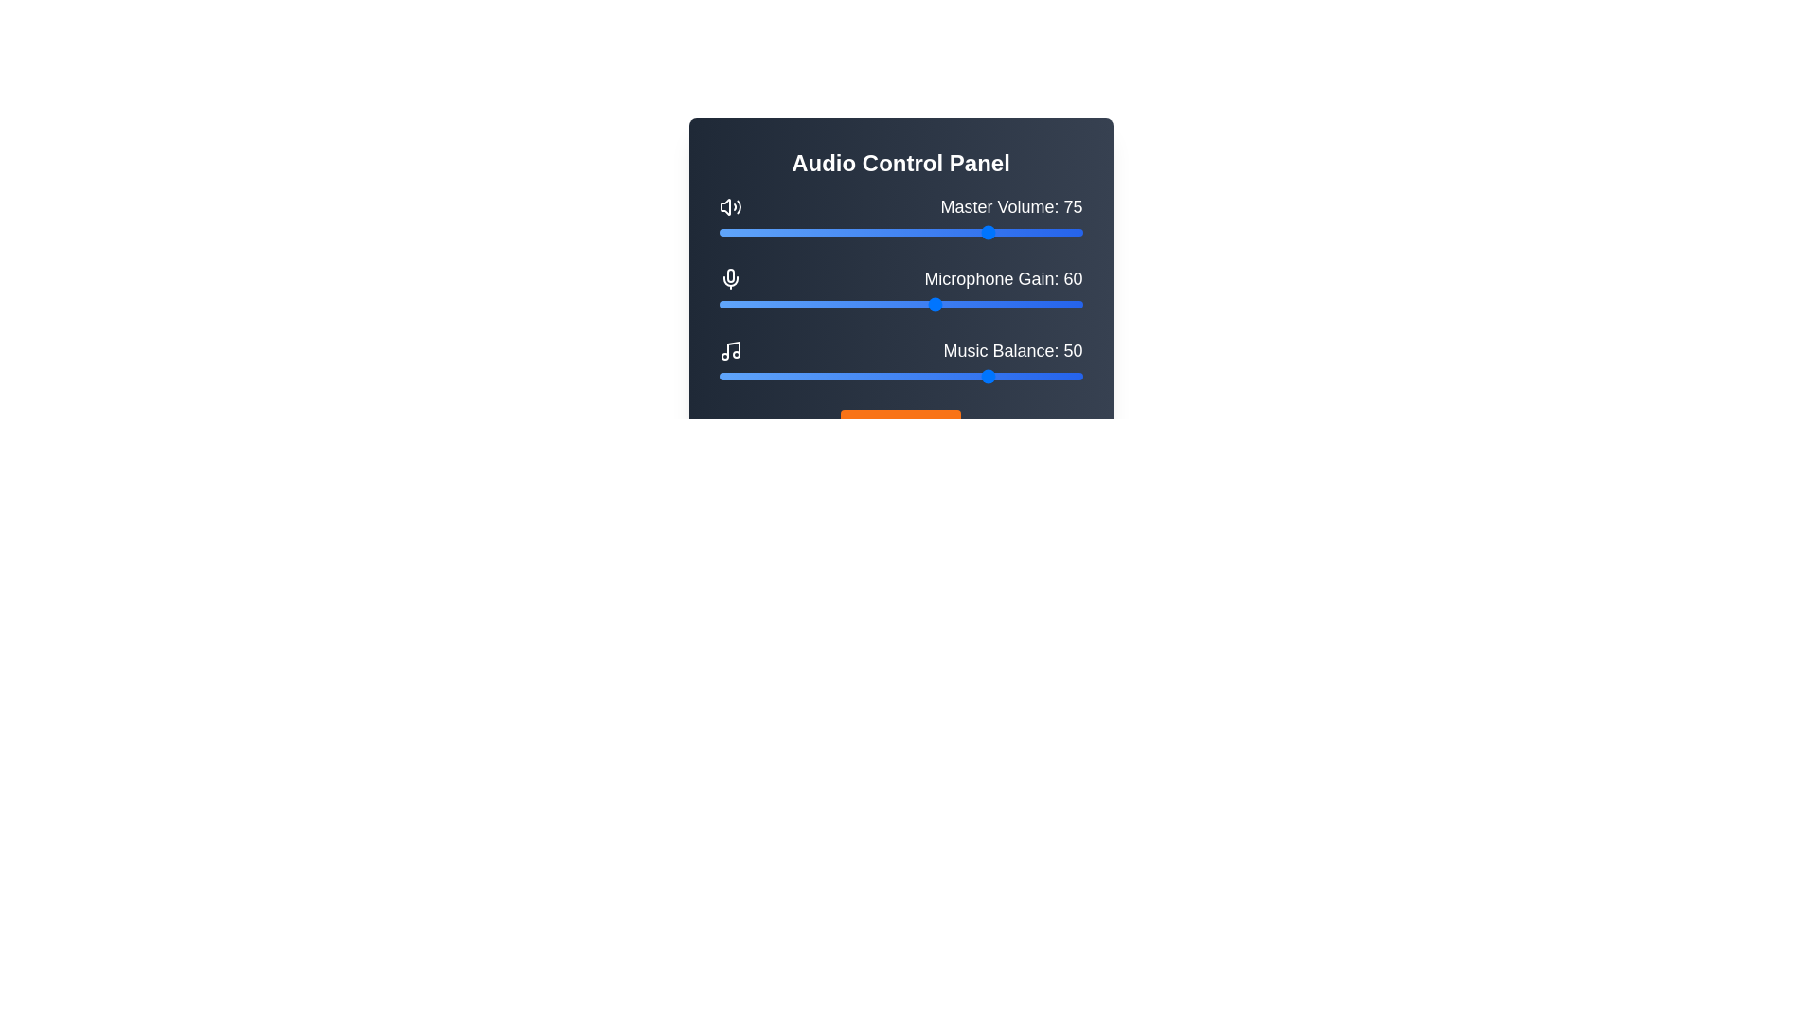  Describe the element at coordinates (1082, 232) in the screenshot. I see `the Master Volume slider to 100` at that location.